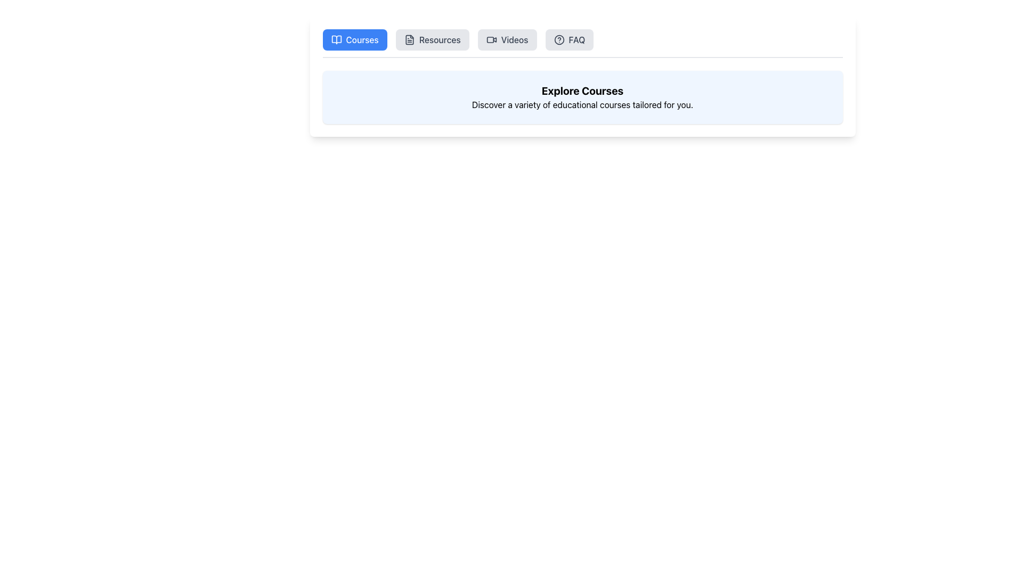 The height and width of the screenshot is (575, 1023). What do you see at coordinates (409, 39) in the screenshot?
I see `the small document or file icon adjacent to the 'Resources' text label in the top navigation section of the page` at bounding box center [409, 39].